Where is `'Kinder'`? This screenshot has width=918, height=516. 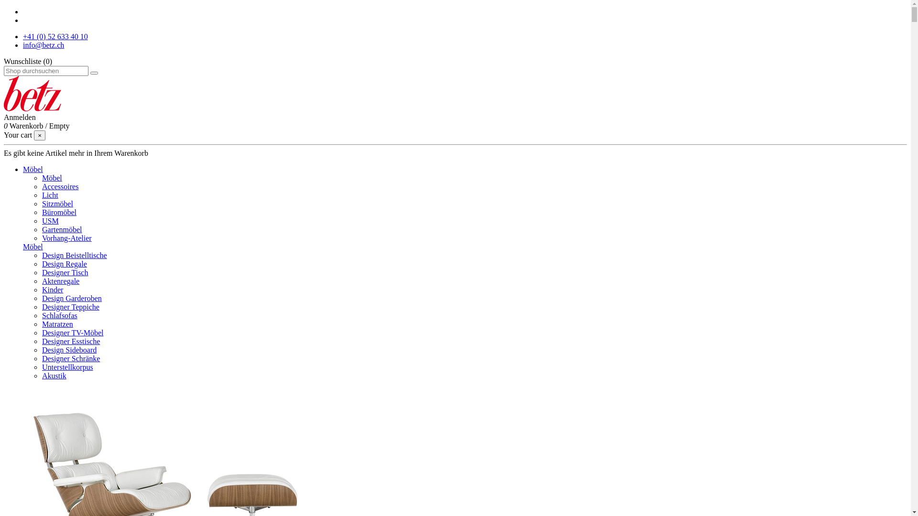 'Kinder' is located at coordinates (52, 289).